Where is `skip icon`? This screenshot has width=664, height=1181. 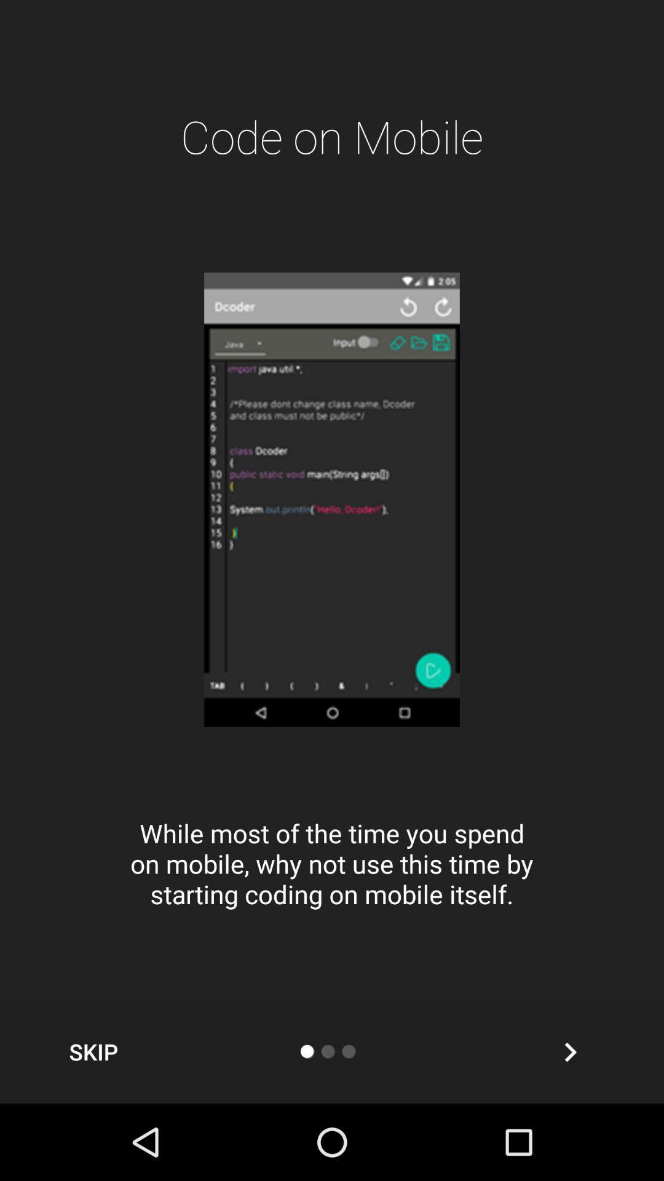
skip icon is located at coordinates (93, 1051).